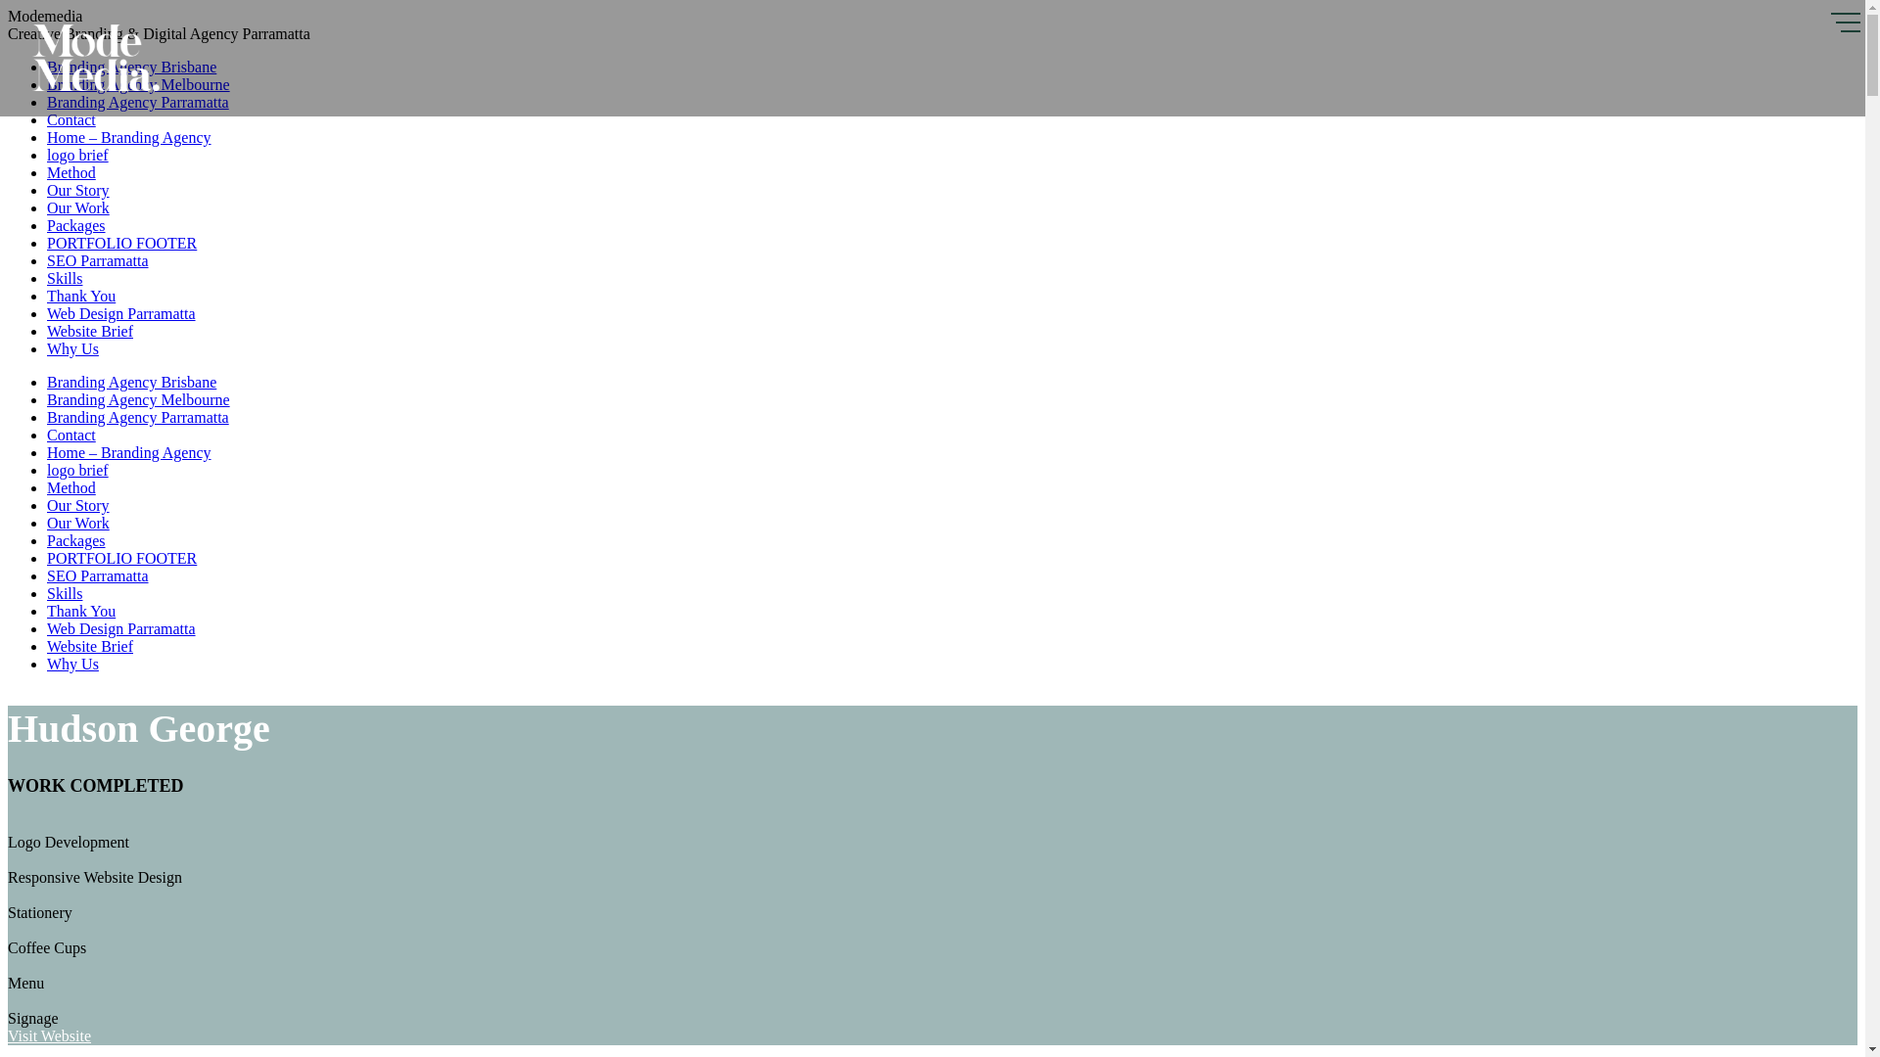 The height and width of the screenshot is (1057, 1880). I want to click on 'Web Design Parramatta', so click(120, 628).